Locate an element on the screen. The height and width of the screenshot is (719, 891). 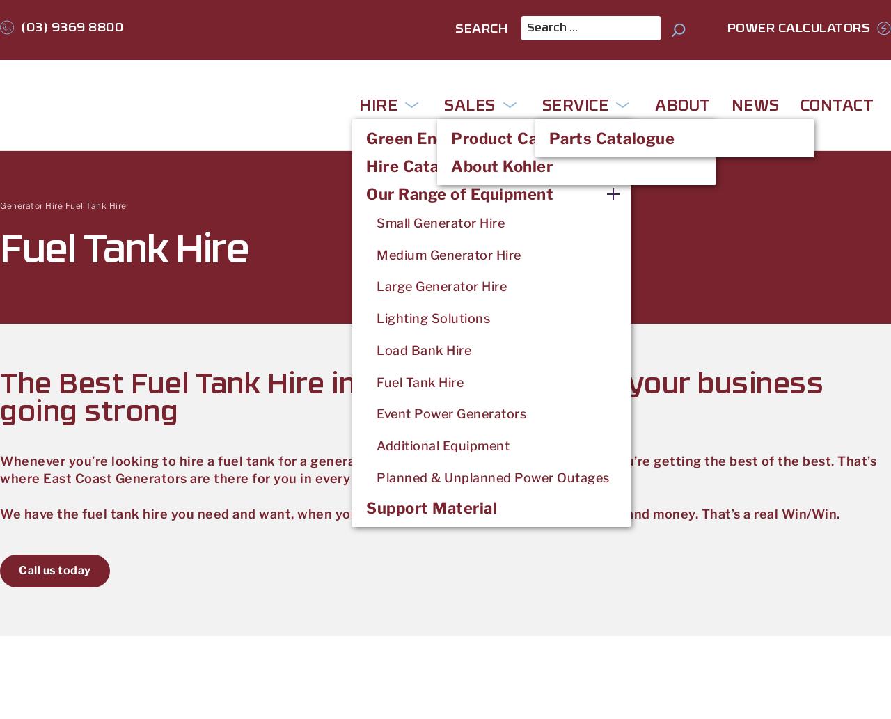
'Planned & Unplanned Power Outages' is located at coordinates (492, 476).